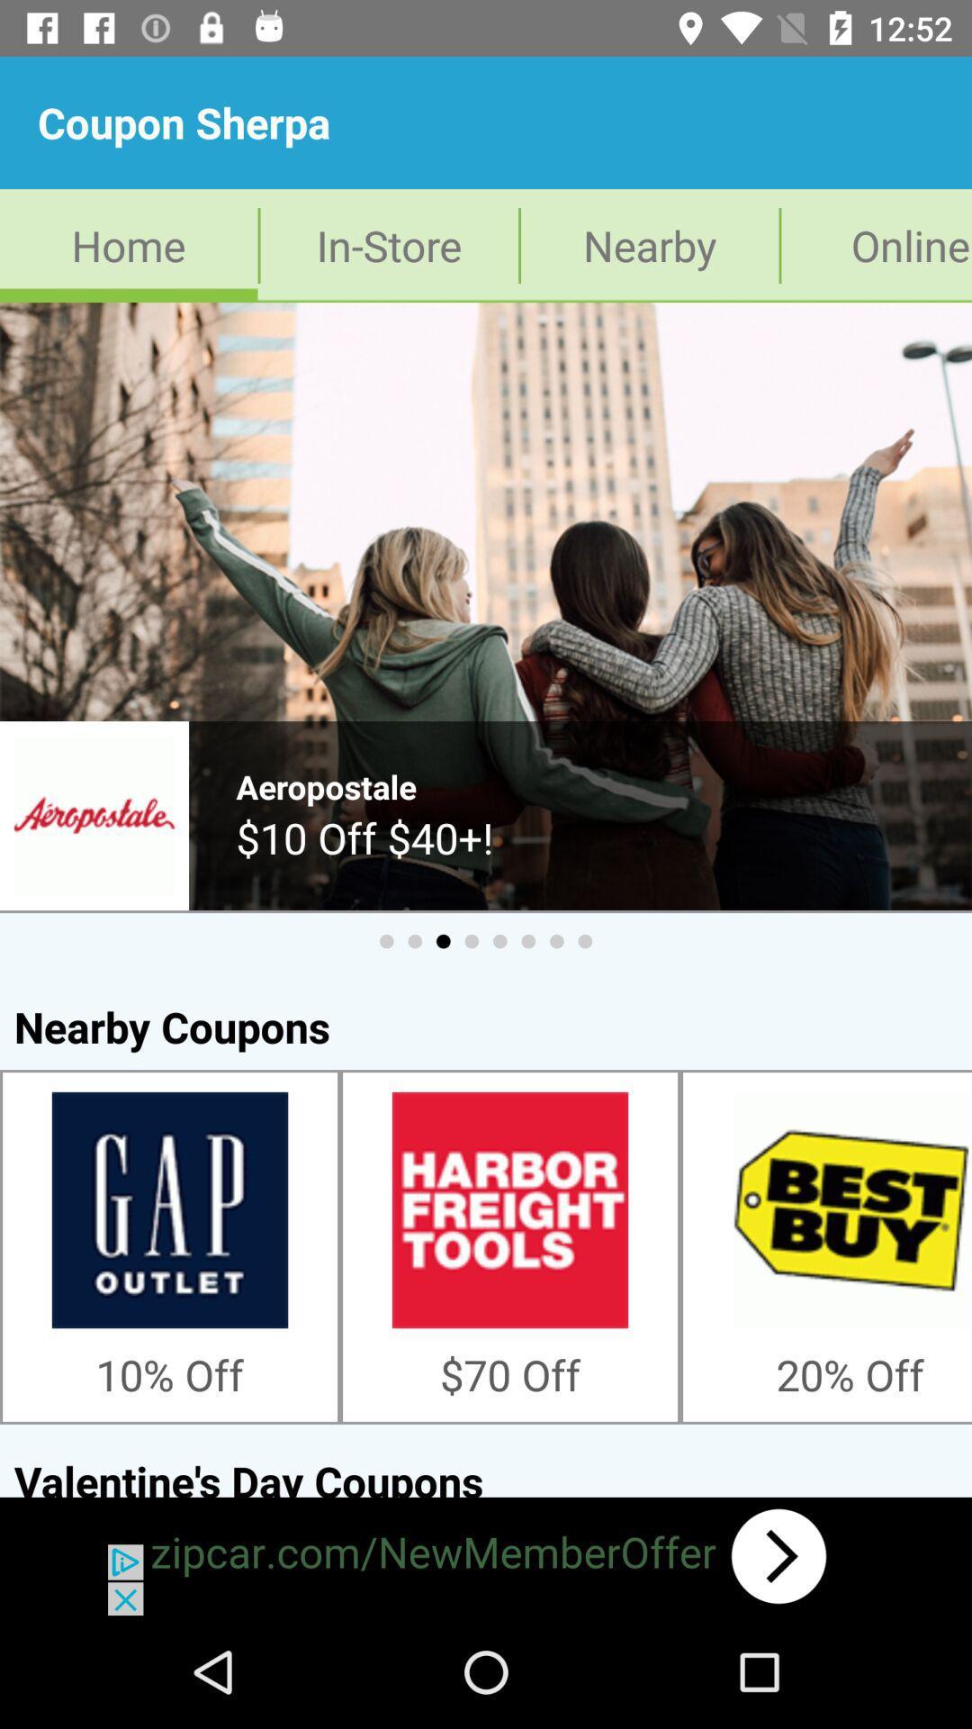 The height and width of the screenshot is (1729, 972). Describe the element at coordinates (486, 1555) in the screenshot. I see `open advertisement` at that location.